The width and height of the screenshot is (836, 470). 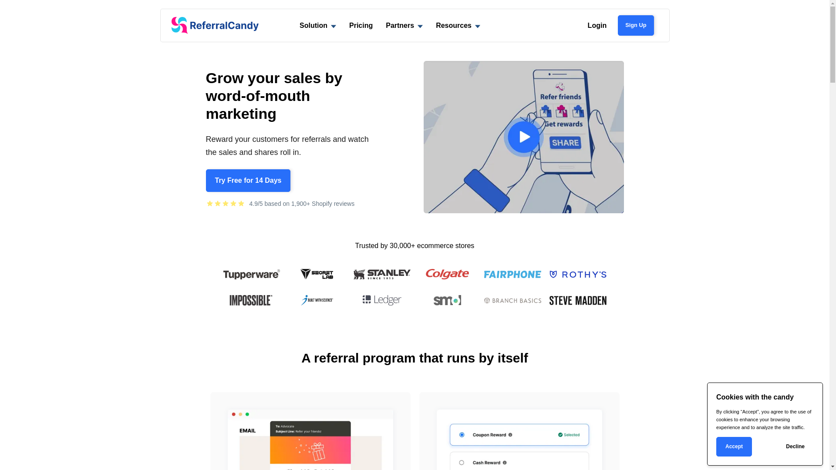 I want to click on 'Login', so click(x=597, y=25).